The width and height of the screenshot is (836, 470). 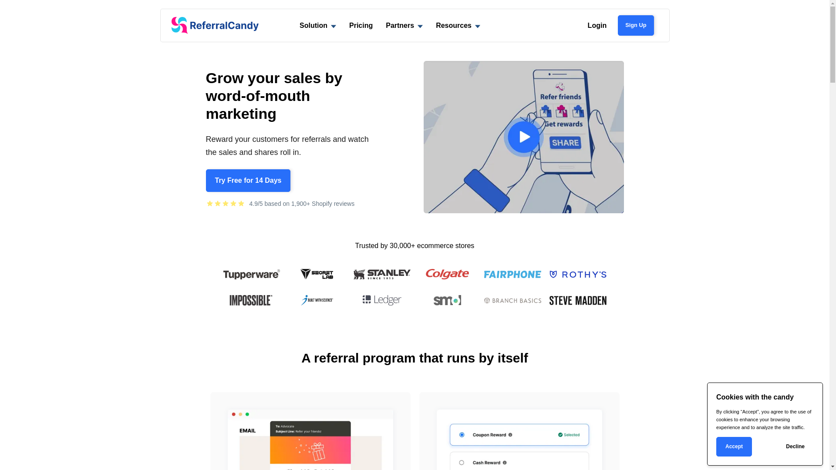 I want to click on 'Login', so click(x=597, y=25).